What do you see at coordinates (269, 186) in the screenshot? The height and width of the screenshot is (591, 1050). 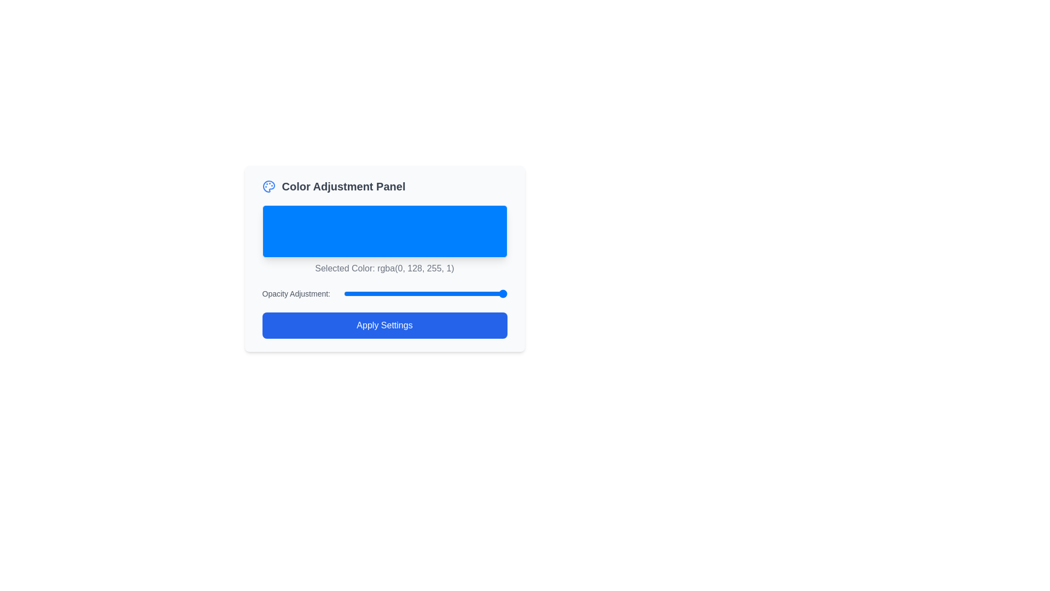 I see `the decorative icon related to the color adjustment functionality located in the top-left corner of the 'Color Adjustment Panel'` at bounding box center [269, 186].